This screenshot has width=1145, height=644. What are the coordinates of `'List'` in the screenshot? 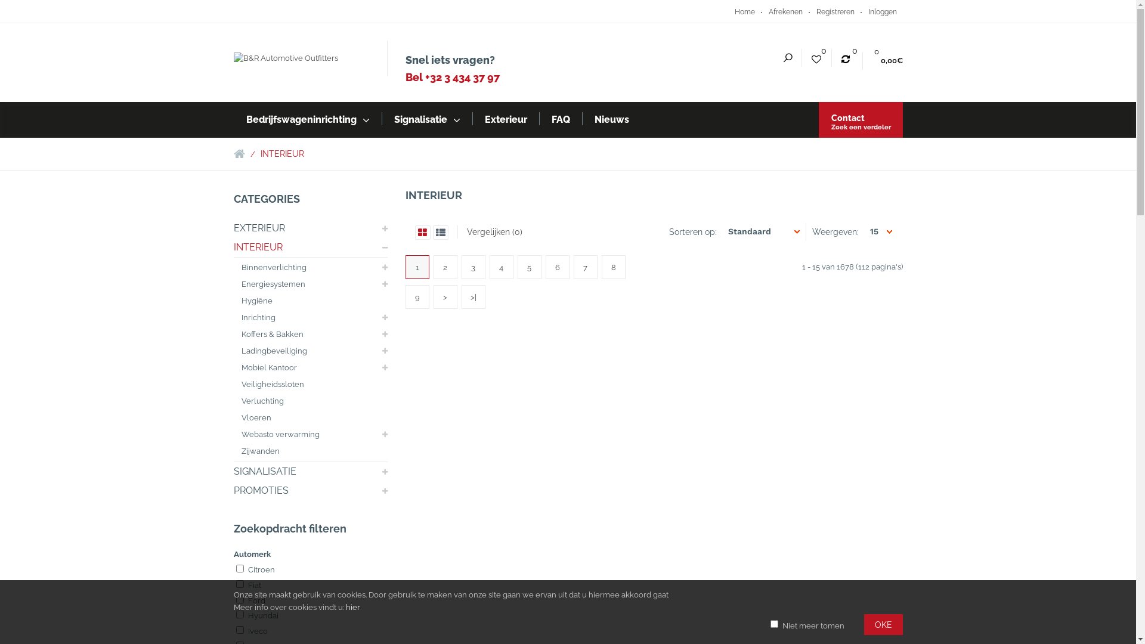 It's located at (440, 232).